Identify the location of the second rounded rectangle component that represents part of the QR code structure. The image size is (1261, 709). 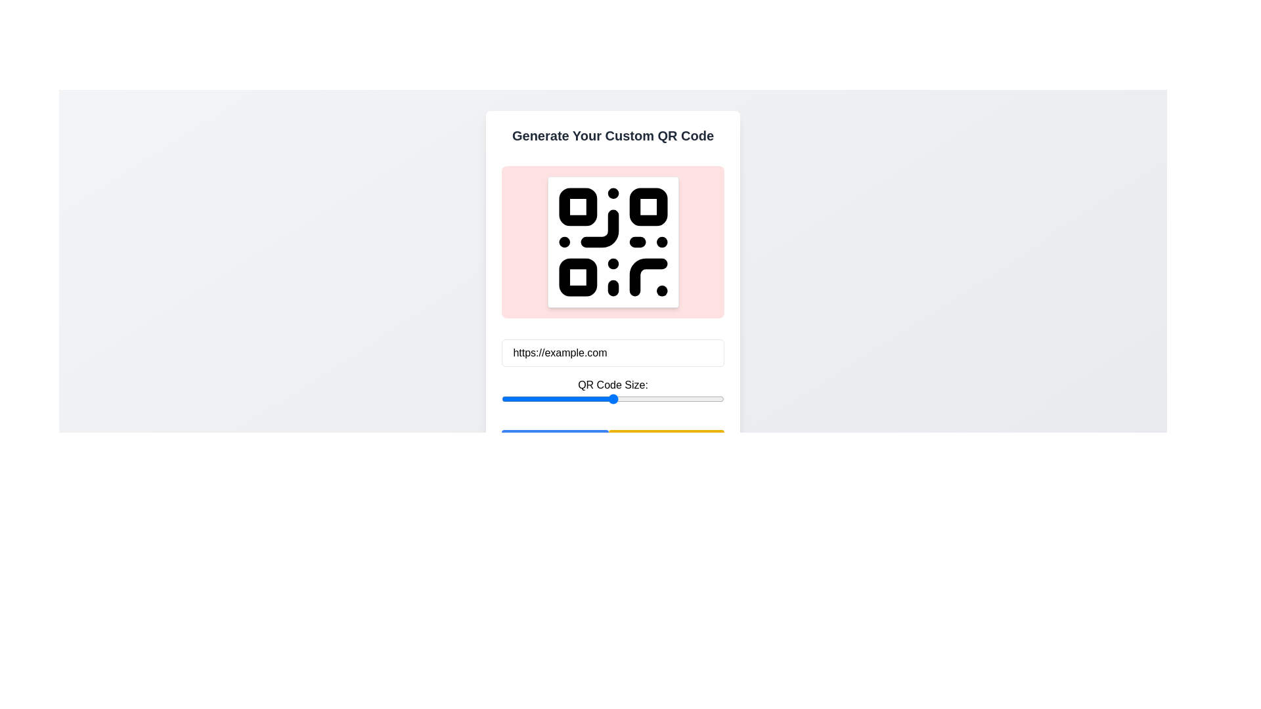
(648, 207).